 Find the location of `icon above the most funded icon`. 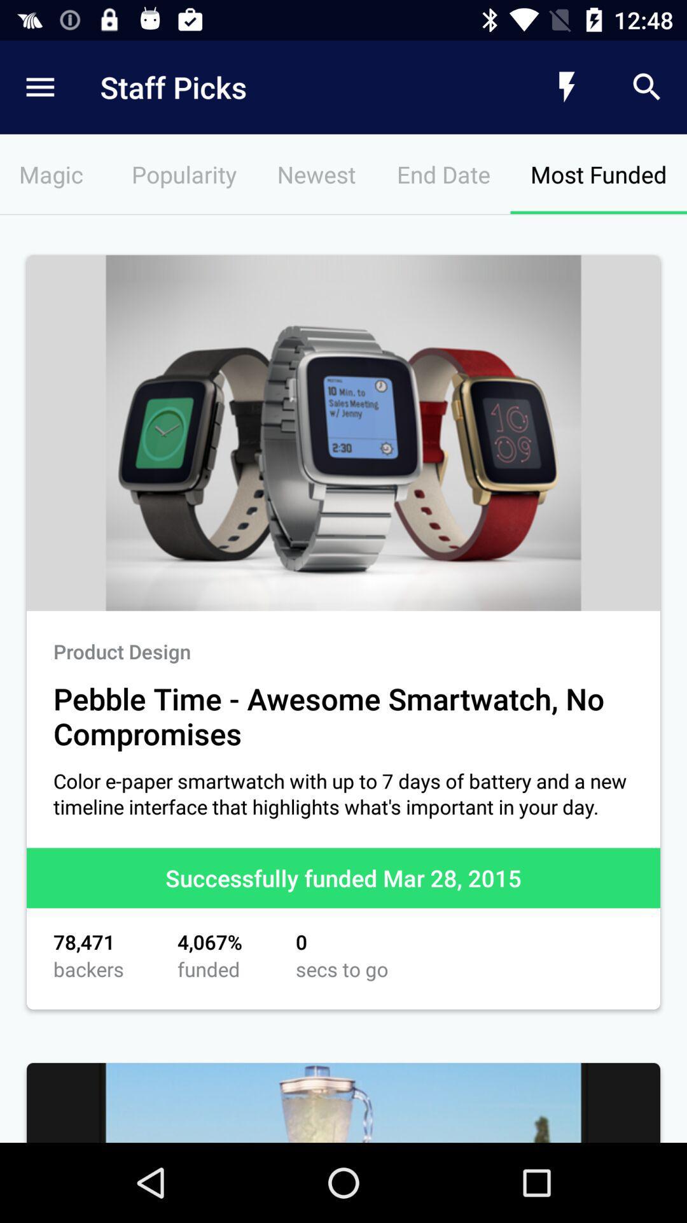

icon above the most funded icon is located at coordinates (566, 87).